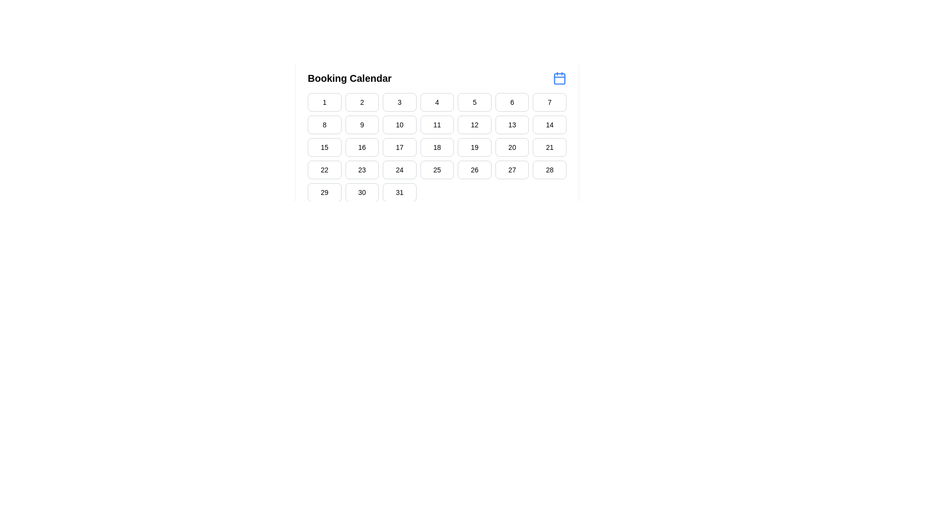 Image resolution: width=941 pixels, height=529 pixels. I want to click on the button representing the selectable date of the 20th in the calendar grid located in the third row and sixth column, so click(512, 147).